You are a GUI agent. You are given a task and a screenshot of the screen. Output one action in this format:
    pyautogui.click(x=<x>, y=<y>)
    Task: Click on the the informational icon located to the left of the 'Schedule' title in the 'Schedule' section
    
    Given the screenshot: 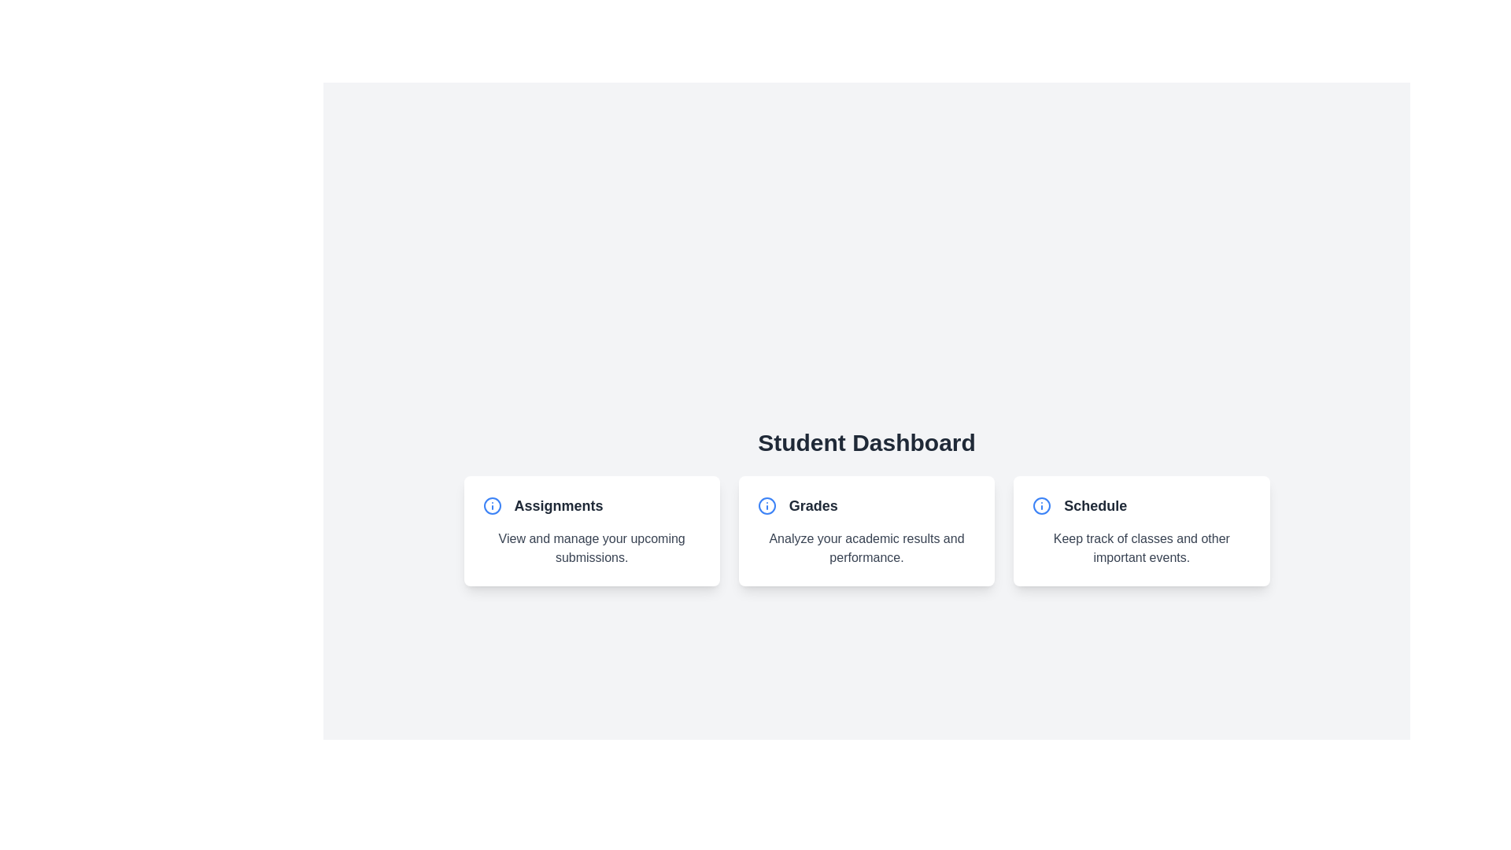 What is the action you would take?
    pyautogui.click(x=1042, y=506)
    